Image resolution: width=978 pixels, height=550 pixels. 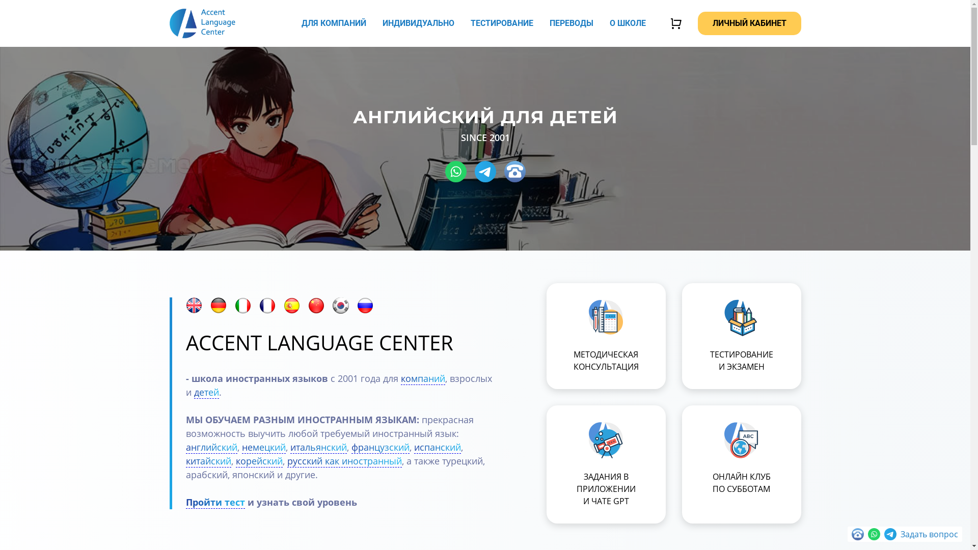 What do you see at coordinates (202, 23) in the screenshot?
I see `'Accent Center'` at bounding box center [202, 23].